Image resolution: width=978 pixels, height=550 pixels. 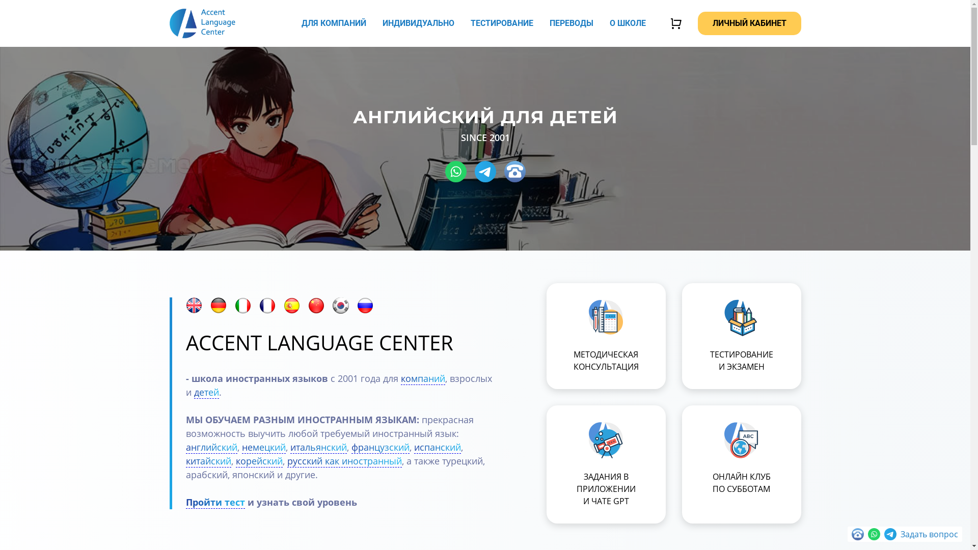 What do you see at coordinates (202, 23) in the screenshot?
I see `'Accent Center'` at bounding box center [202, 23].